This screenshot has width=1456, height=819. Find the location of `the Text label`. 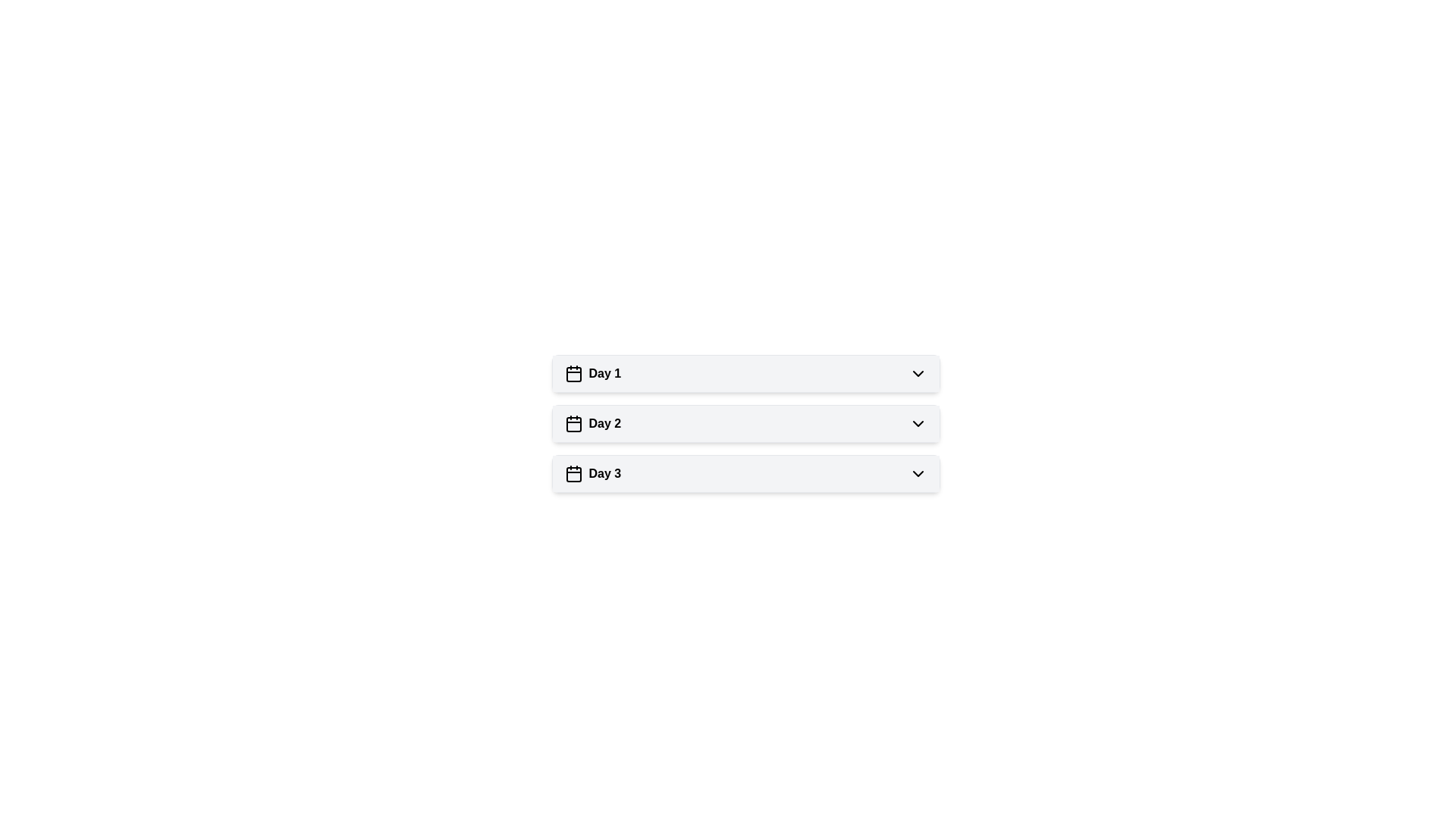

the Text label is located at coordinates (604, 424).